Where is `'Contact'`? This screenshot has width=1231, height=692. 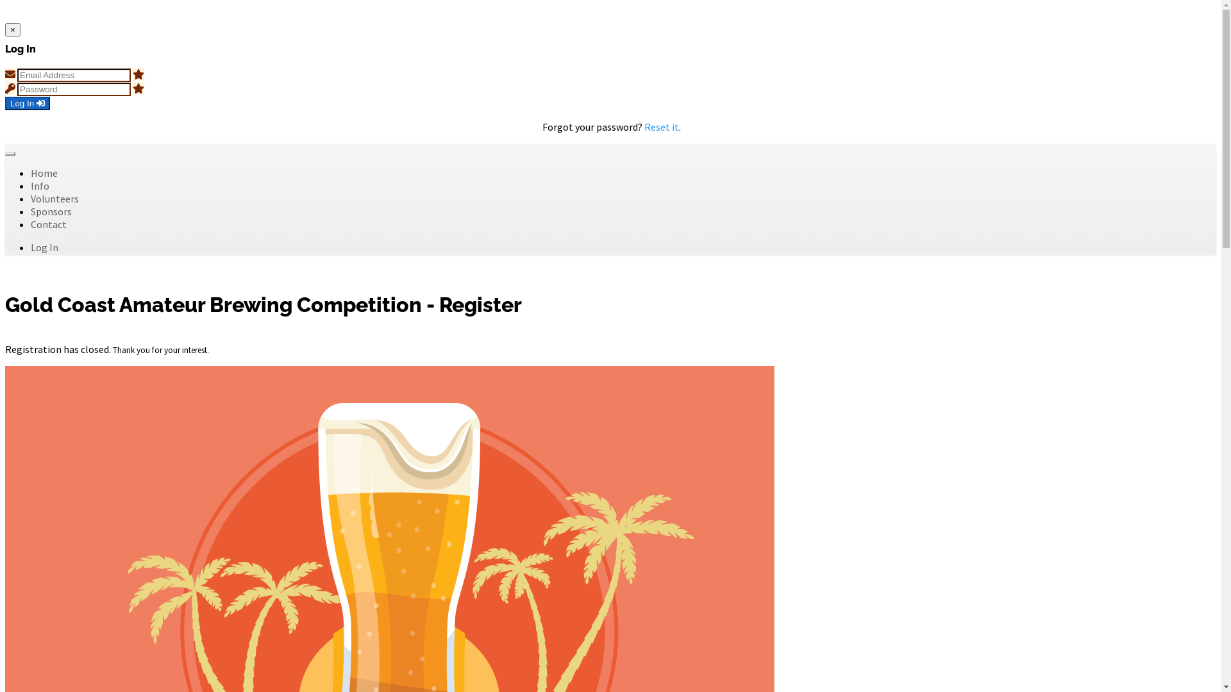 'Contact' is located at coordinates (49, 224).